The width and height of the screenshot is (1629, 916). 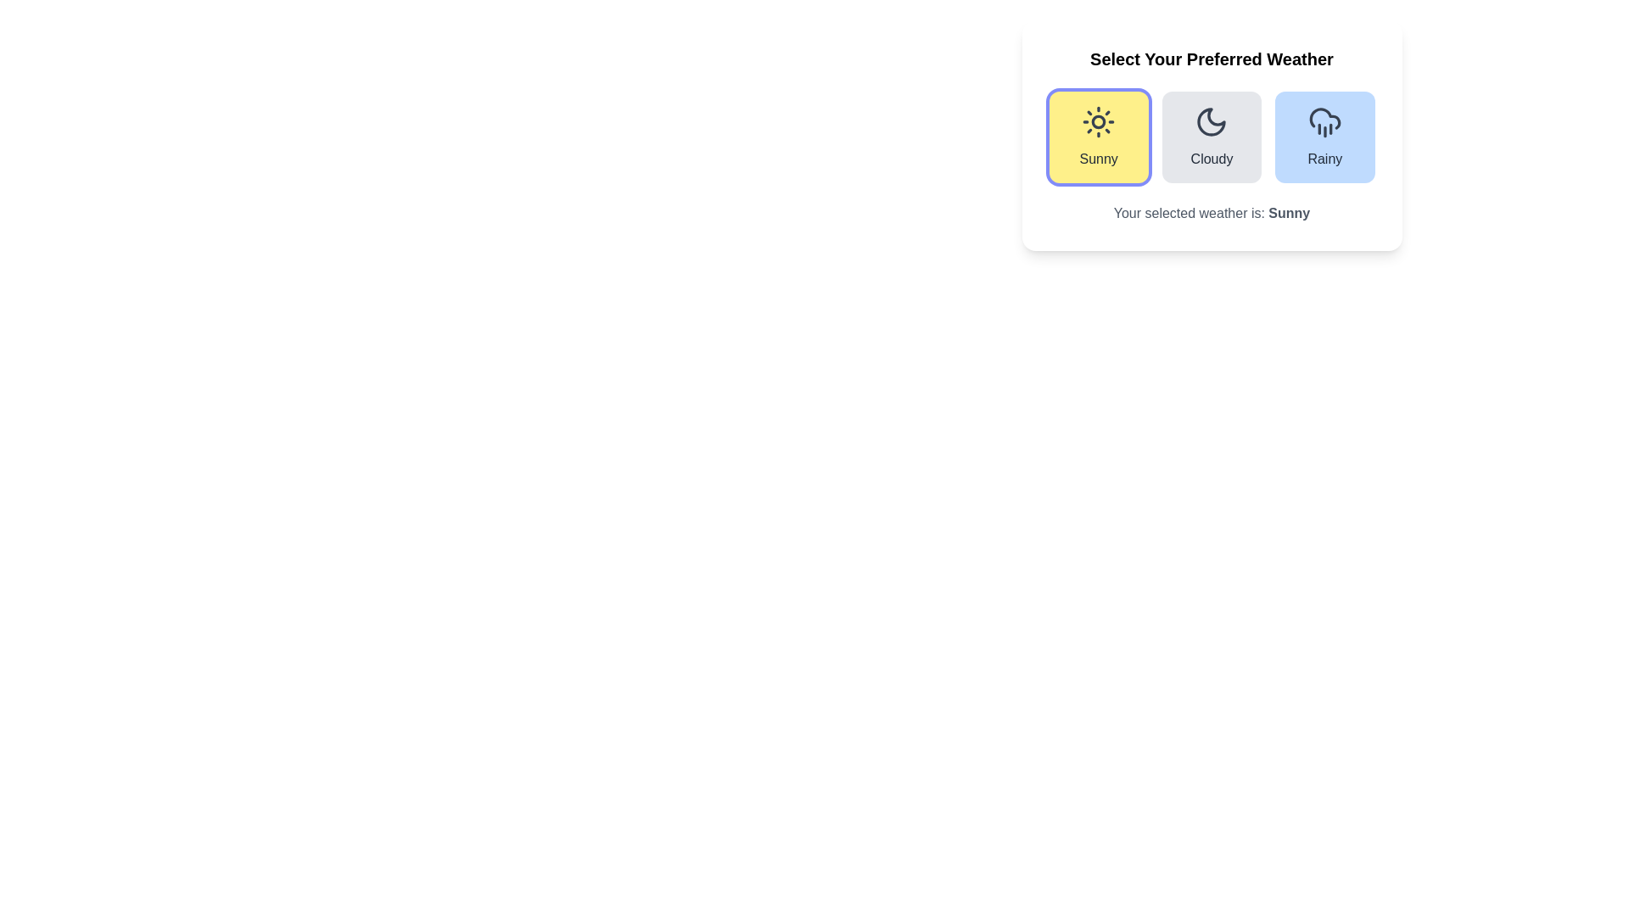 What do you see at coordinates (1211, 137) in the screenshot?
I see `the weather selection card labeled 'Cloudy' which features a crescent moon icon at the top and is positioned in the middle column of the grid` at bounding box center [1211, 137].